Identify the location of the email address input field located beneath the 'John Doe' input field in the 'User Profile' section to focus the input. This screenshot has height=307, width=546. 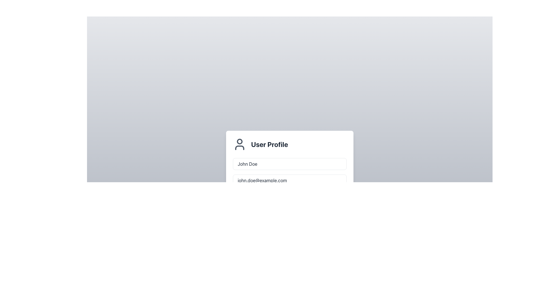
(289, 180).